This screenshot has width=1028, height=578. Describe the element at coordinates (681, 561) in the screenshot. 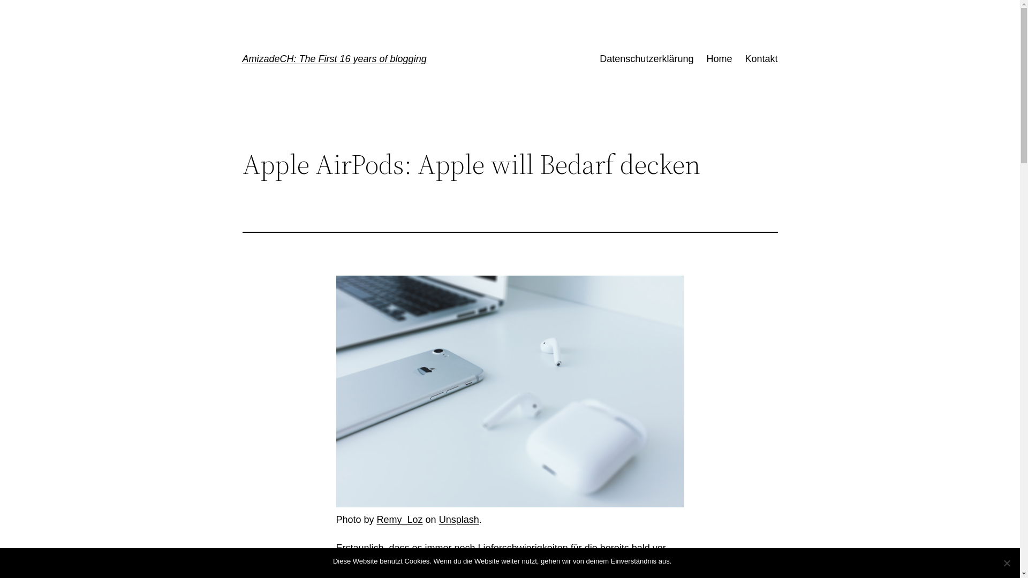

I see `'OK'` at that location.